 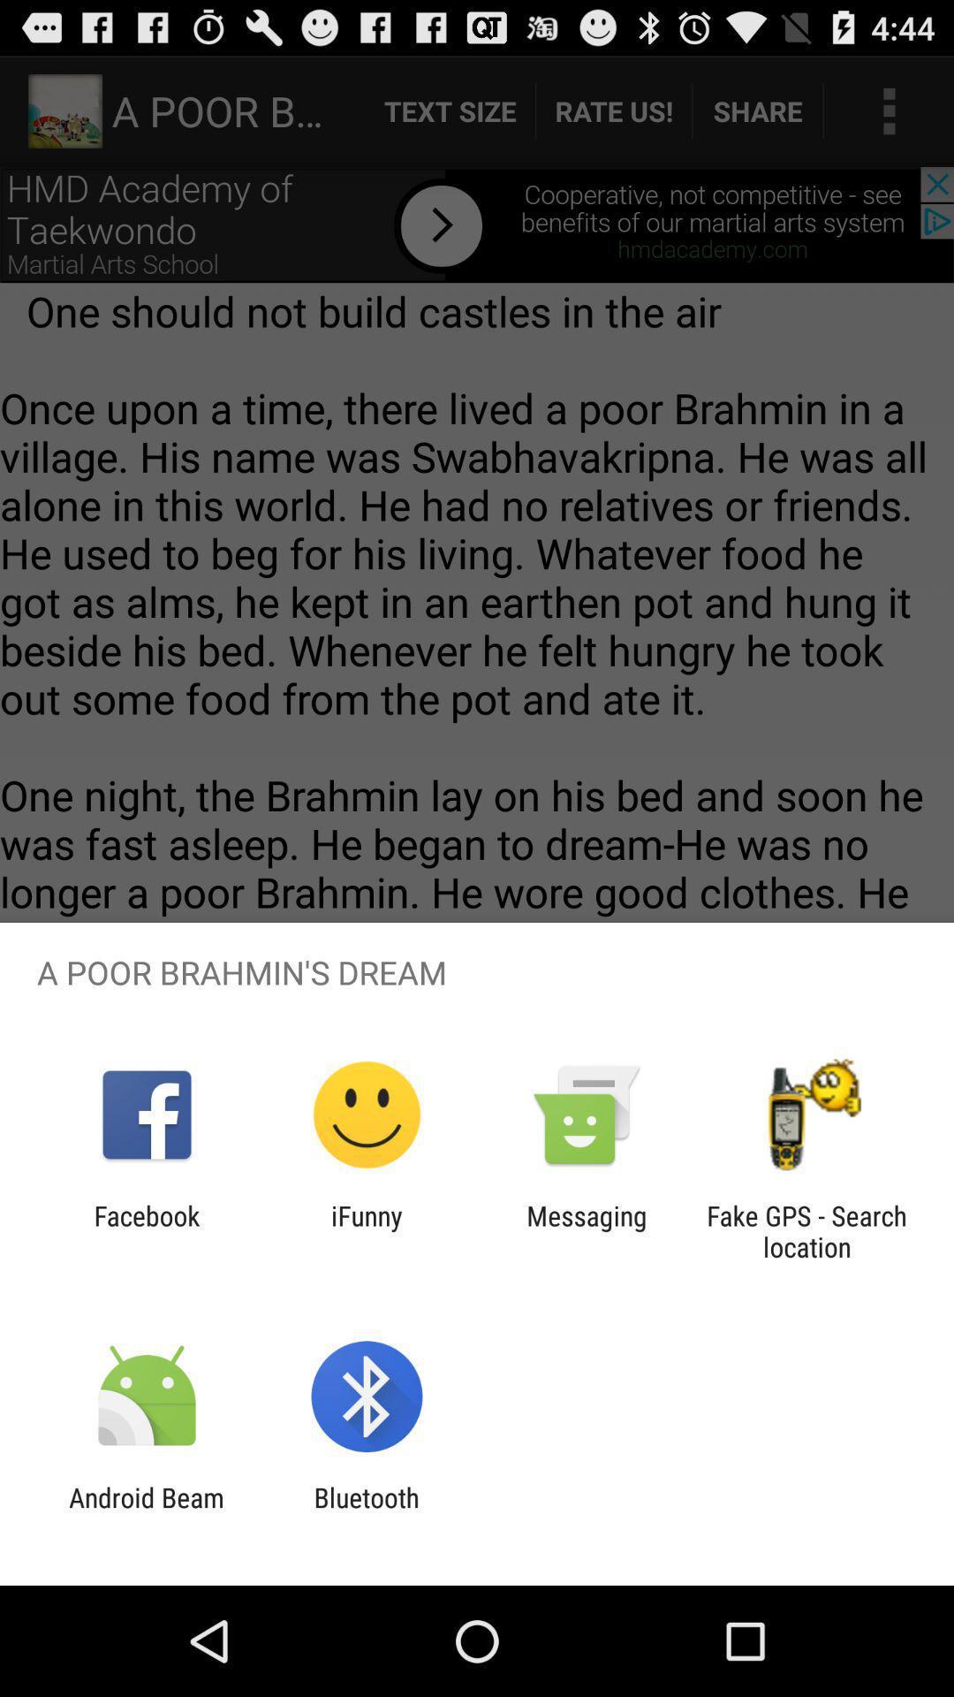 What do you see at coordinates (146, 1230) in the screenshot?
I see `facebook item` at bounding box center [146, 1230].